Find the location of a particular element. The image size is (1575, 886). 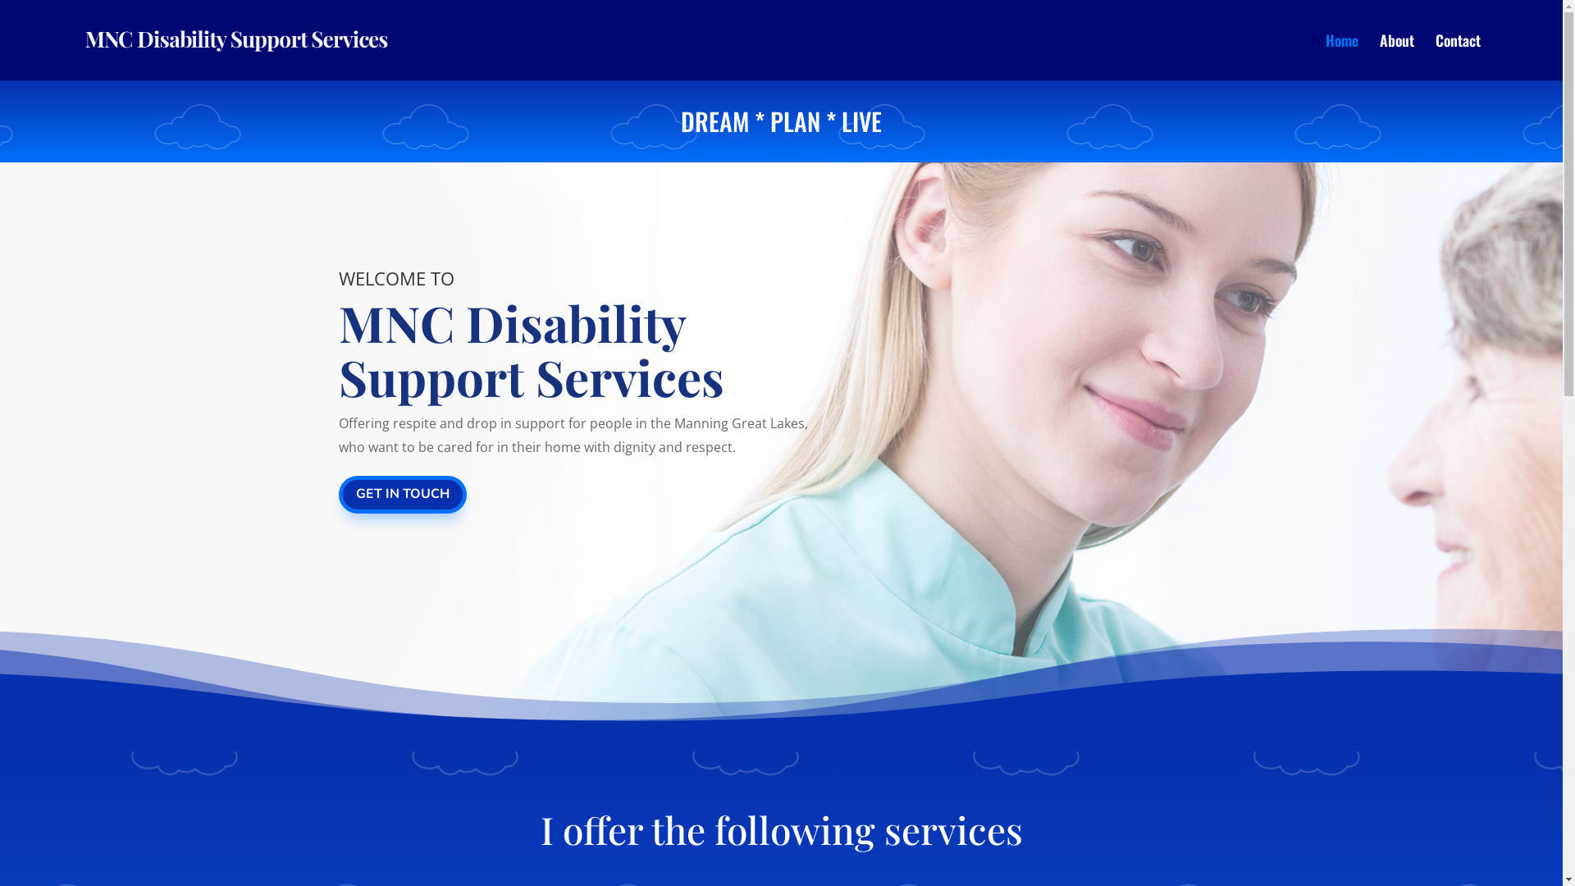

'Home' is located at coordinates (1342, 56).